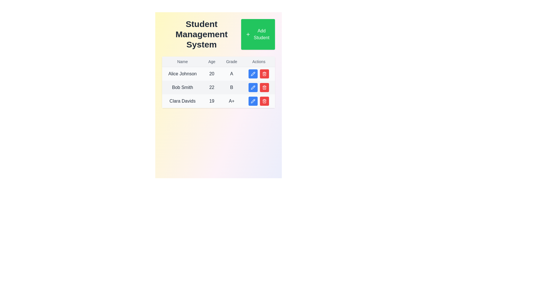 This screenshot has height=307, width=546. What do you see at coordinates (211, 73) in the screenshot?
I see `the text displaying the age of 'Alice Johnson', which is located in the 'Age' column of the table, between the 'Name' and 'Grade' columns` at bounding box center [211, 73].